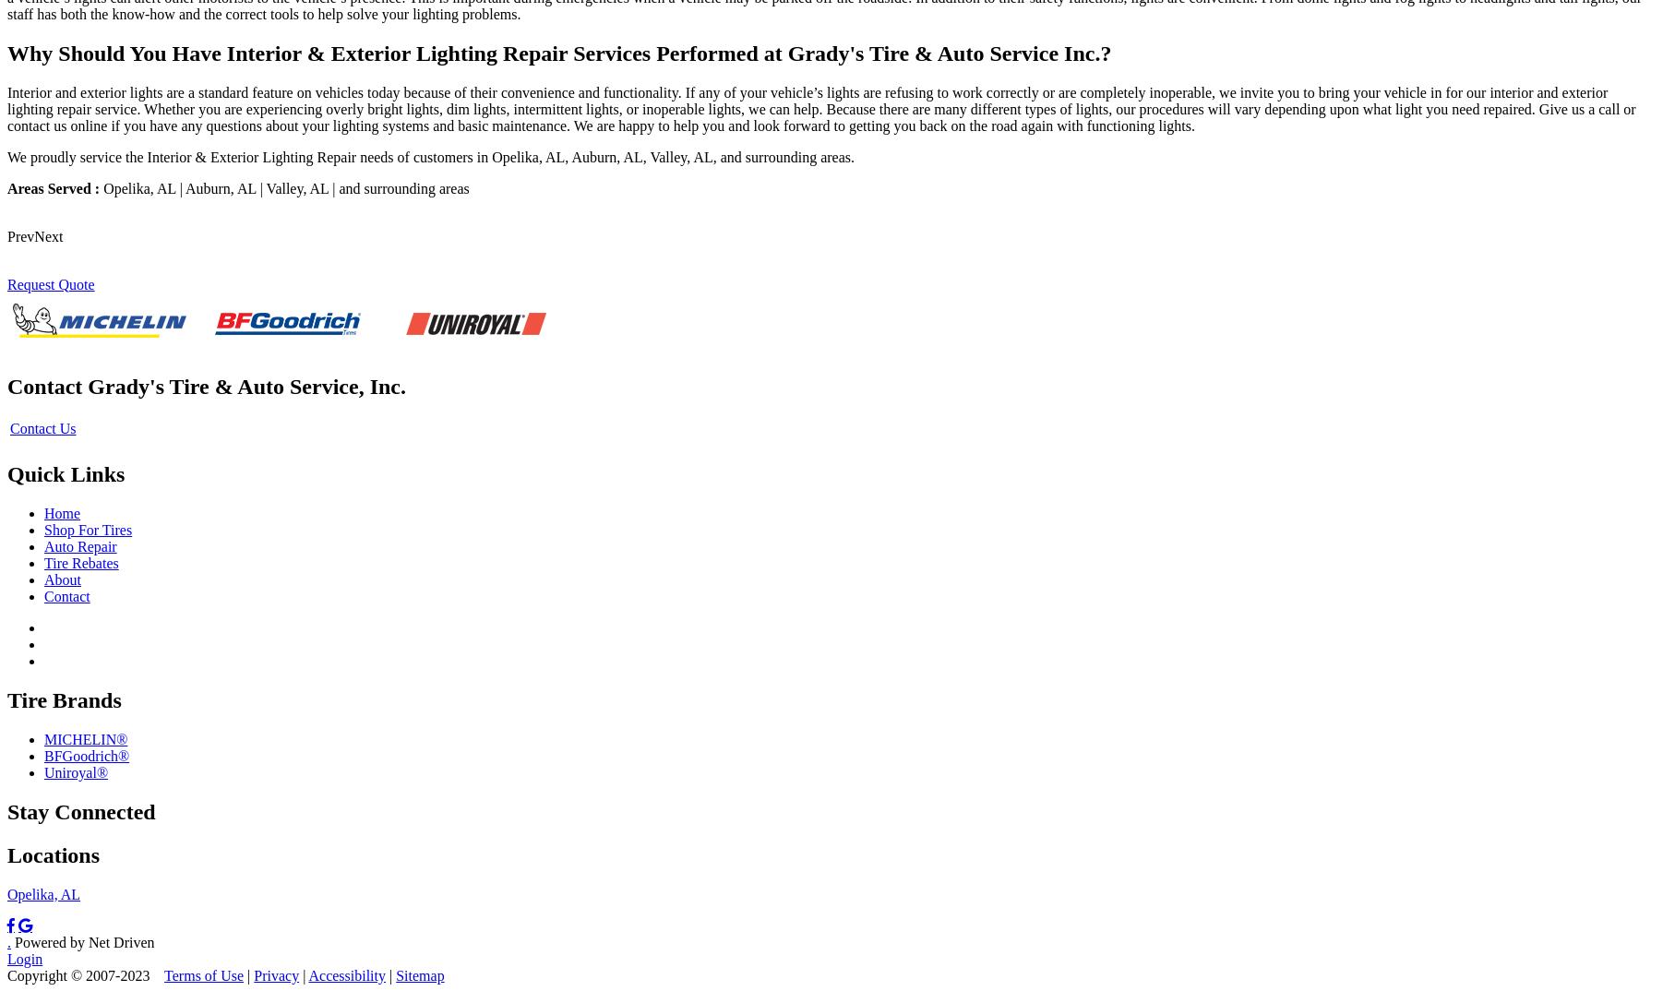  Describe the element at coordinates (65, 474) in the screenshot. I see `'Quick Links'` at that location.